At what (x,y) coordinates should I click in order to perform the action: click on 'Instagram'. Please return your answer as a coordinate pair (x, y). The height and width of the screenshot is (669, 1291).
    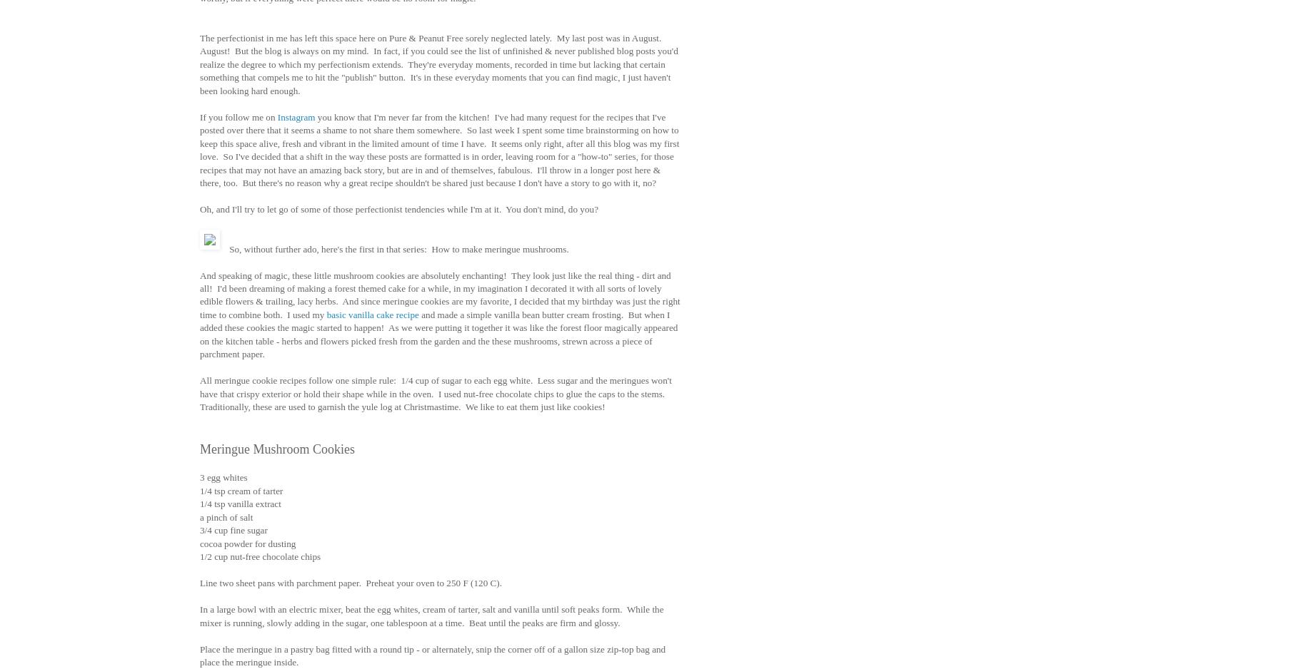
    Looking at the image, I should click on (296, 116).